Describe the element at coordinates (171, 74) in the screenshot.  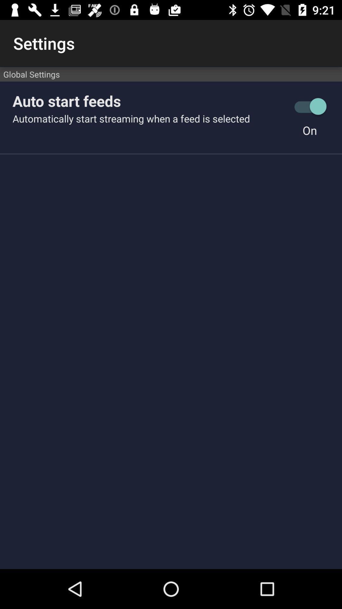
I see `global settings item` at that location.